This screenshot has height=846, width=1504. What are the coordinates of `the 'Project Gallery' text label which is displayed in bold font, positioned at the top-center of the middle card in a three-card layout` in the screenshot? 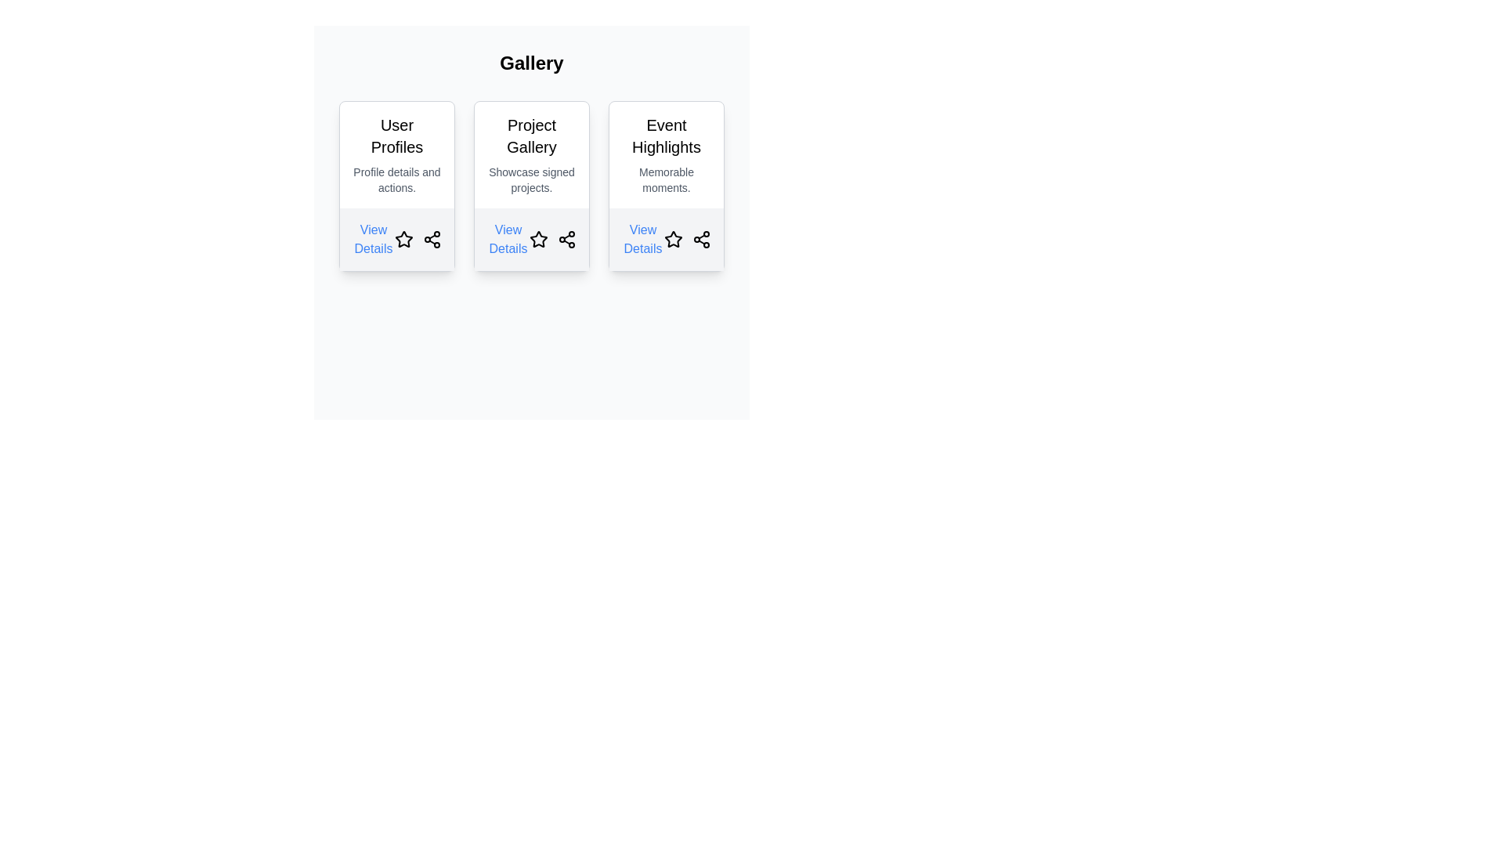 It's located at (531, 135).